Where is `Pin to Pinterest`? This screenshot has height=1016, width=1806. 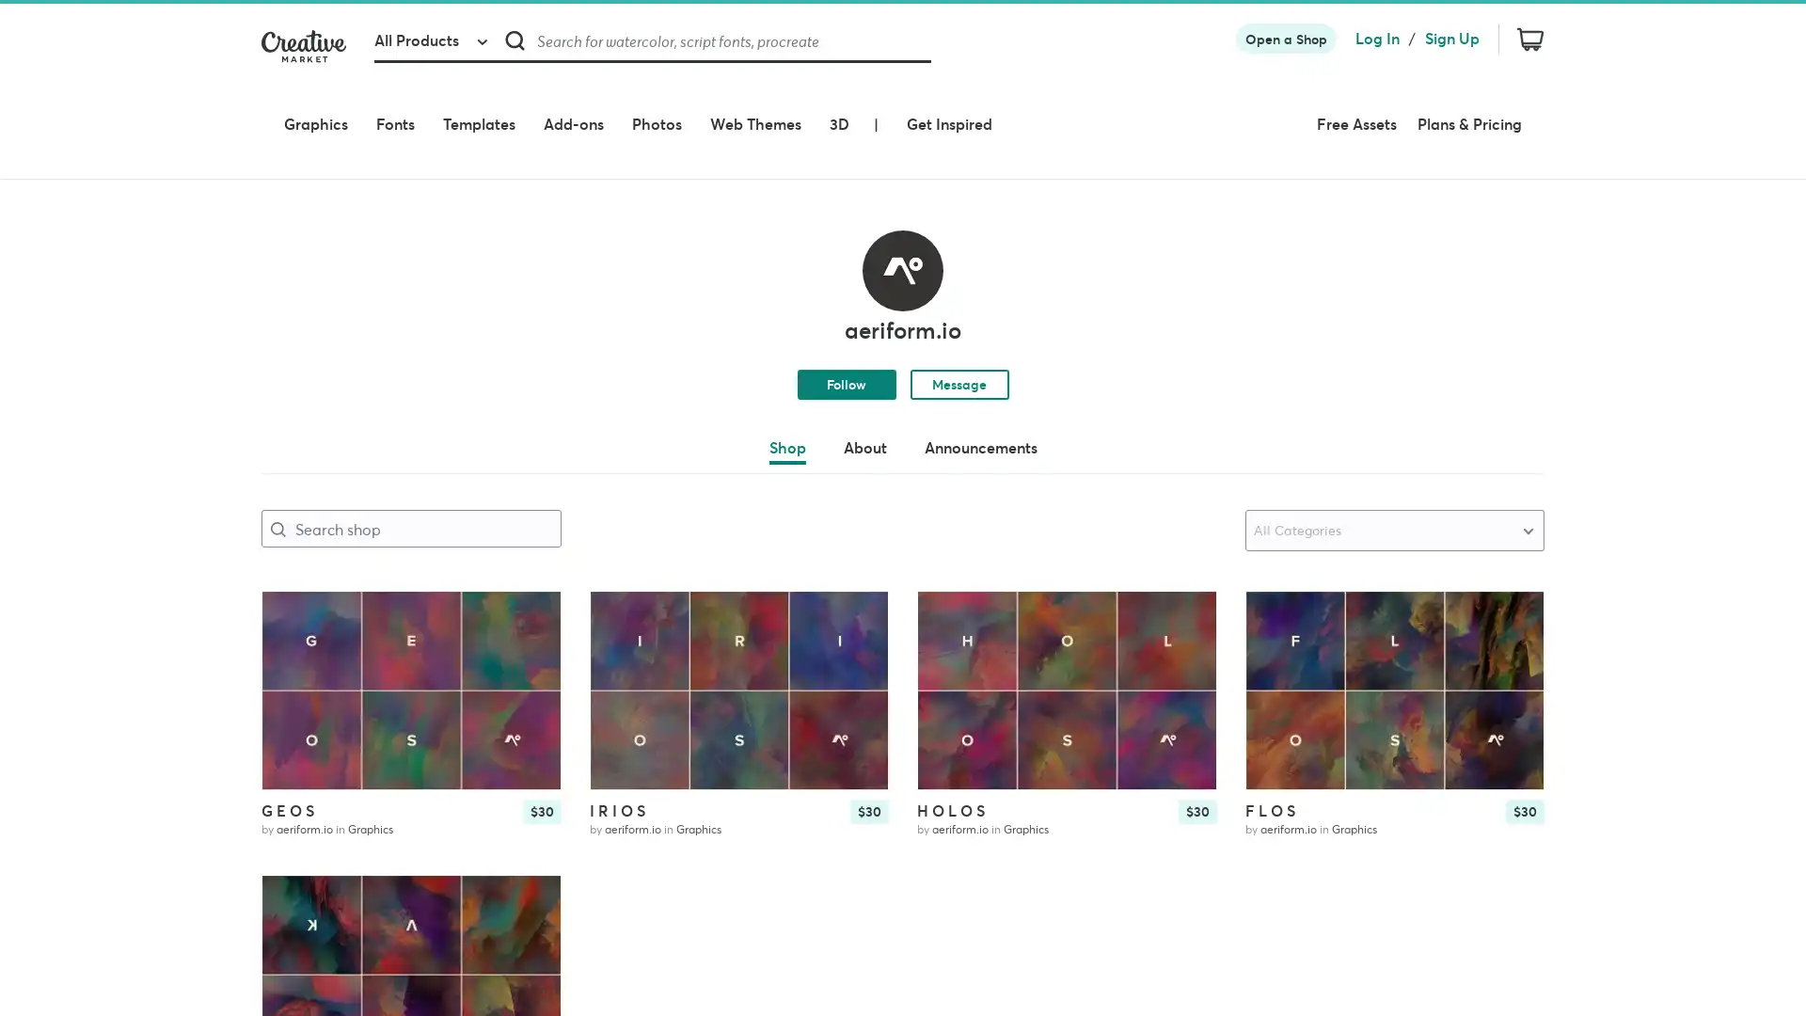 Pin to Pinterest is located at coordinates (948, 553).